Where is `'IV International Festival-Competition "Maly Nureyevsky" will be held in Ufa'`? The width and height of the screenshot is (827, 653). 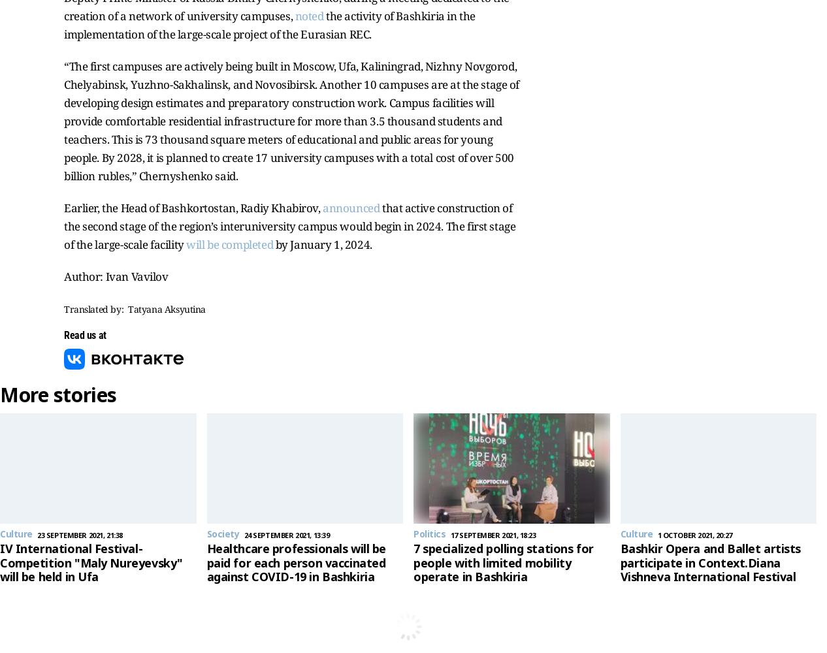 'IV International Festival-Competition "Maly Nureyevsky" will be held in Ufa' is located at coordinates (91, 562).